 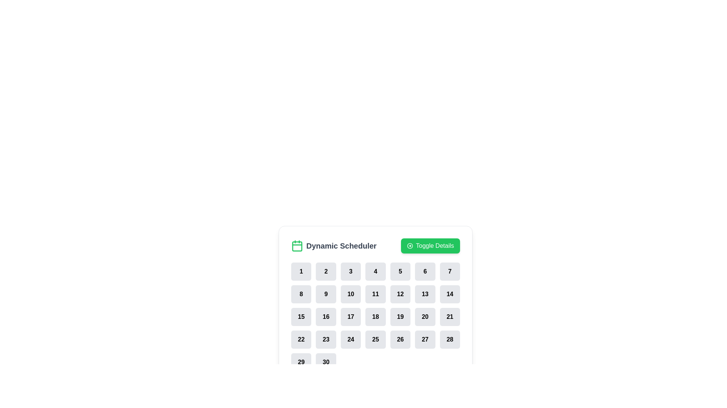 What do you see at coordinates (350, 339) in the screenshot?
I see `the button representing the 24th day in the calendar grid` at bounding box center [350, 339].